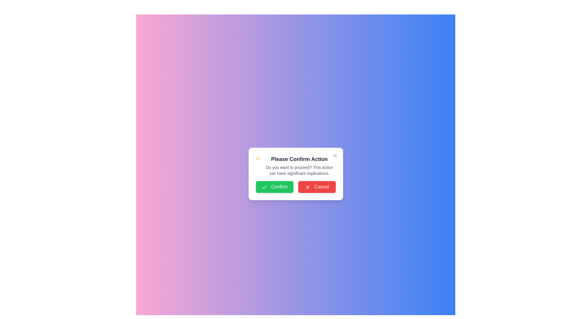  Describe the element at coordinates (296, 165) in the screenshot. I see `text block displaying the title 'Please Confirm Action' and the message 'Do you want to proceed? This action can have significant implications.' located near the top section of a confirmation dialog box` at that location.